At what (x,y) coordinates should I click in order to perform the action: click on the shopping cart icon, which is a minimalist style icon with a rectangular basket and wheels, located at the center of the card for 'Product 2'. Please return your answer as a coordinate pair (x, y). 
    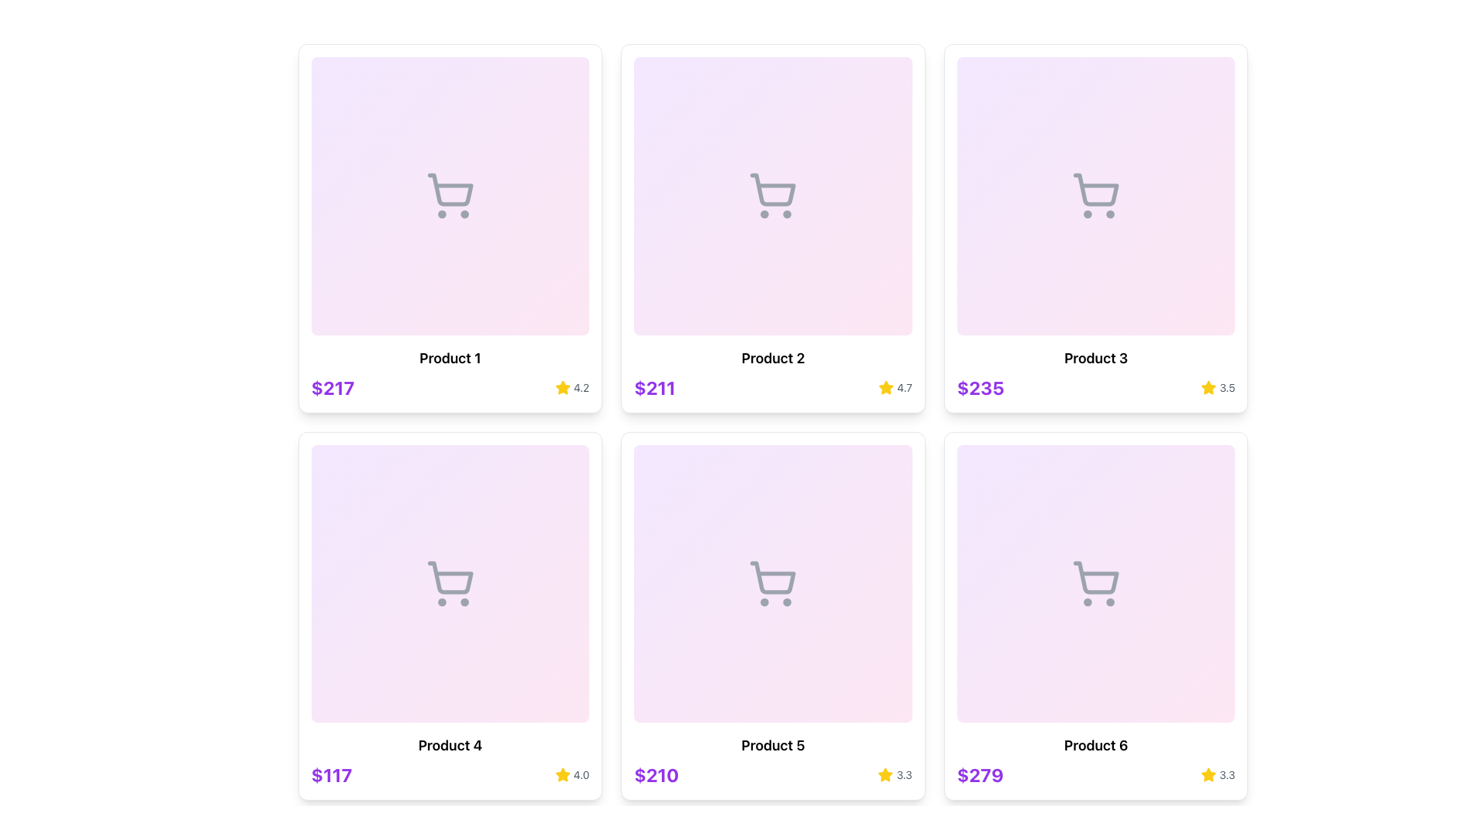
    Looking at the image, I should click on (773, 189).